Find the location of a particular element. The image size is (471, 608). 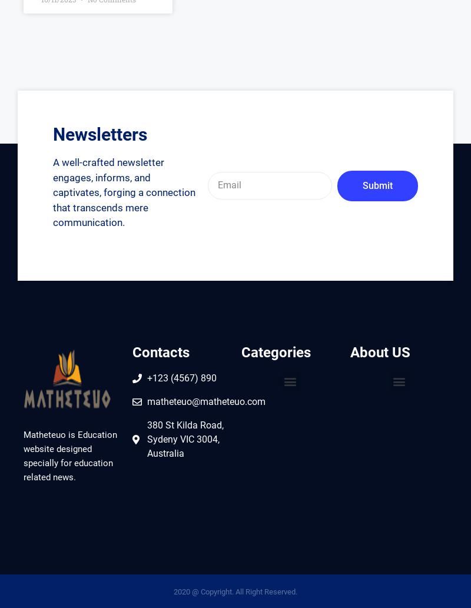

'+123 (4567) 890' is located at coordinates (181, 377).